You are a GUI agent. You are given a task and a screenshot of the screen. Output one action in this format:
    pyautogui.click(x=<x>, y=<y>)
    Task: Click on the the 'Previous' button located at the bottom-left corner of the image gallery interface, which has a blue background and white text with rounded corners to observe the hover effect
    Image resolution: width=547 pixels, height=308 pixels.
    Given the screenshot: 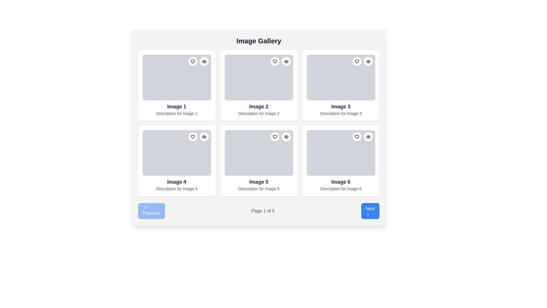 What is the action you would take?
    pyautogui.click(x=151, y=211)
    